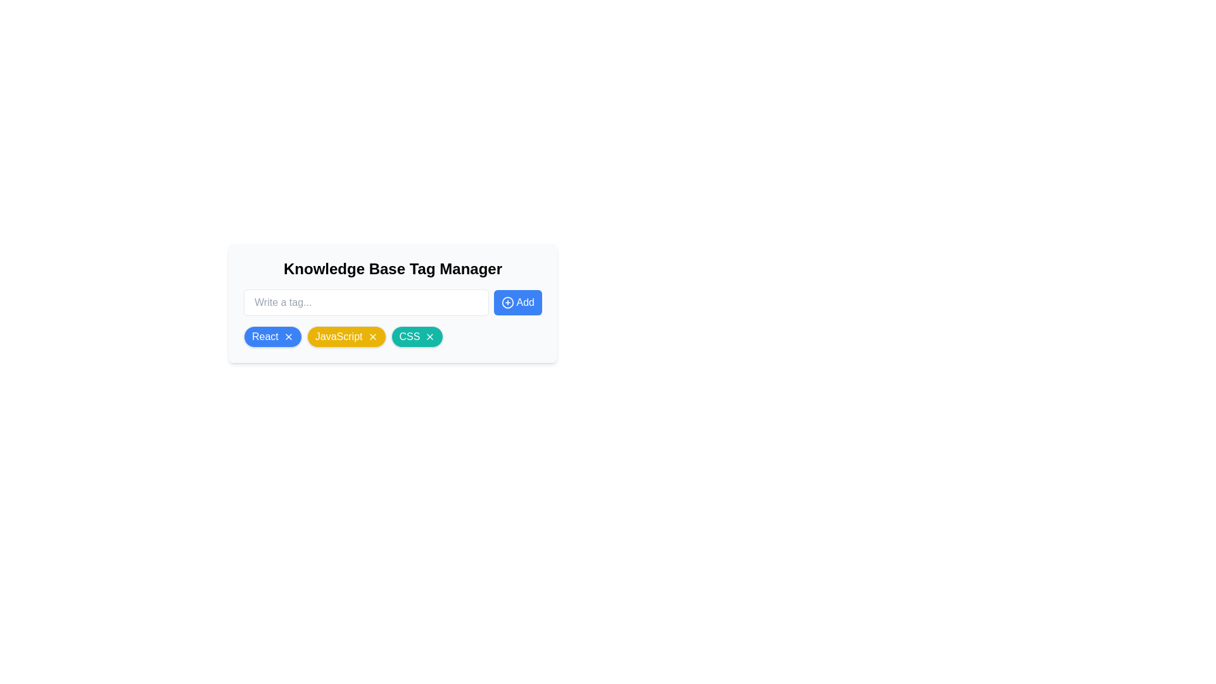 The image size is (1216, 684). What do you see at coordinates (430, 336) in the screenshot?
I see `the small interactive 'X' icon within the circular background` at bounding box center [430, 336].